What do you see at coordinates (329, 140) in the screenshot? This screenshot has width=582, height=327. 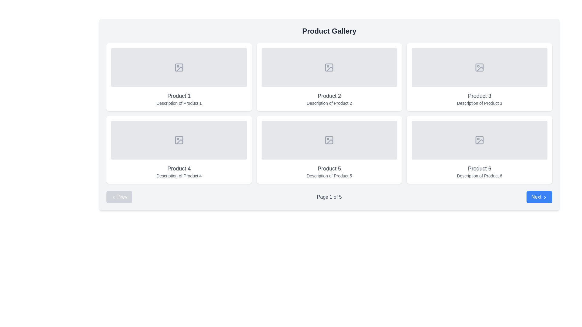 I see `decorative graphical element located in the central section of the image placeholder icon within the fifth product slot of the gallery` at bounding box center [329, 140].